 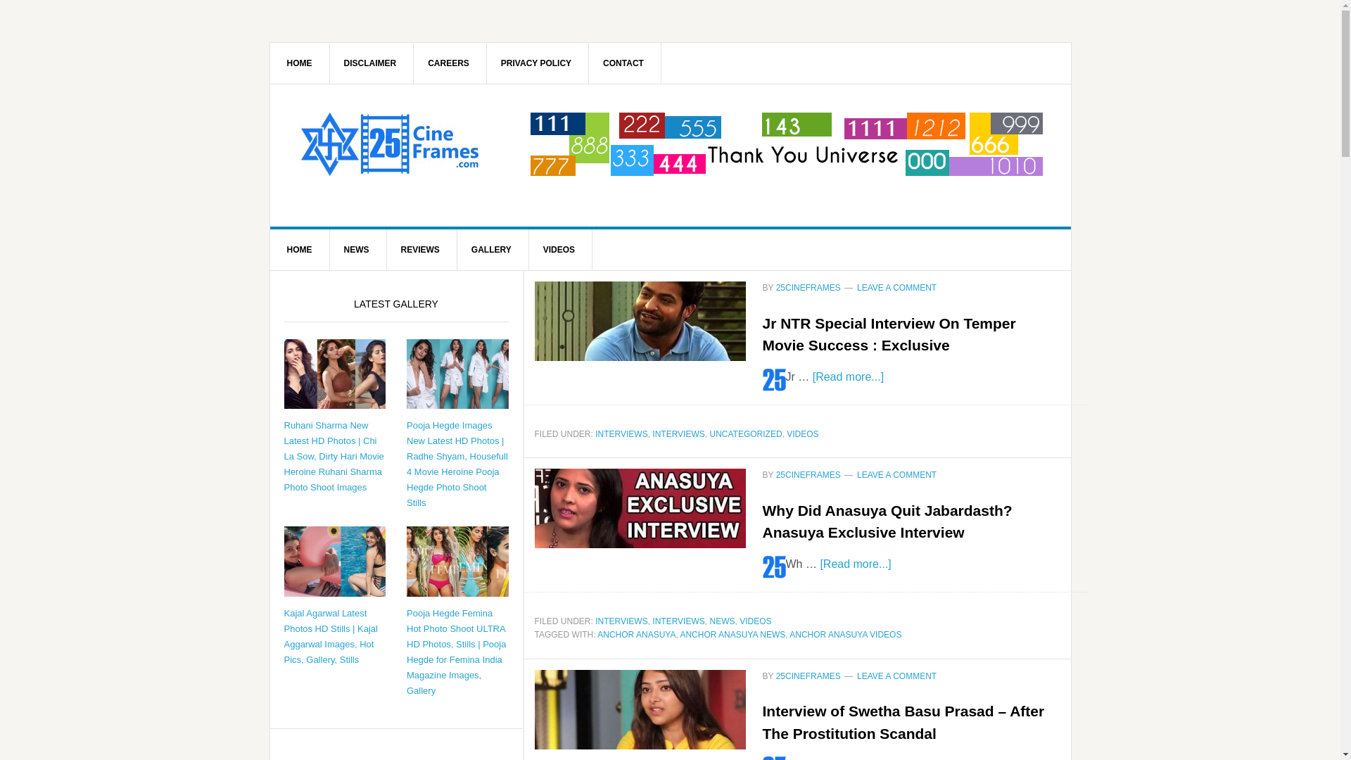 I want to click on '25CINEFRAMES', so click(x=808, y=675).